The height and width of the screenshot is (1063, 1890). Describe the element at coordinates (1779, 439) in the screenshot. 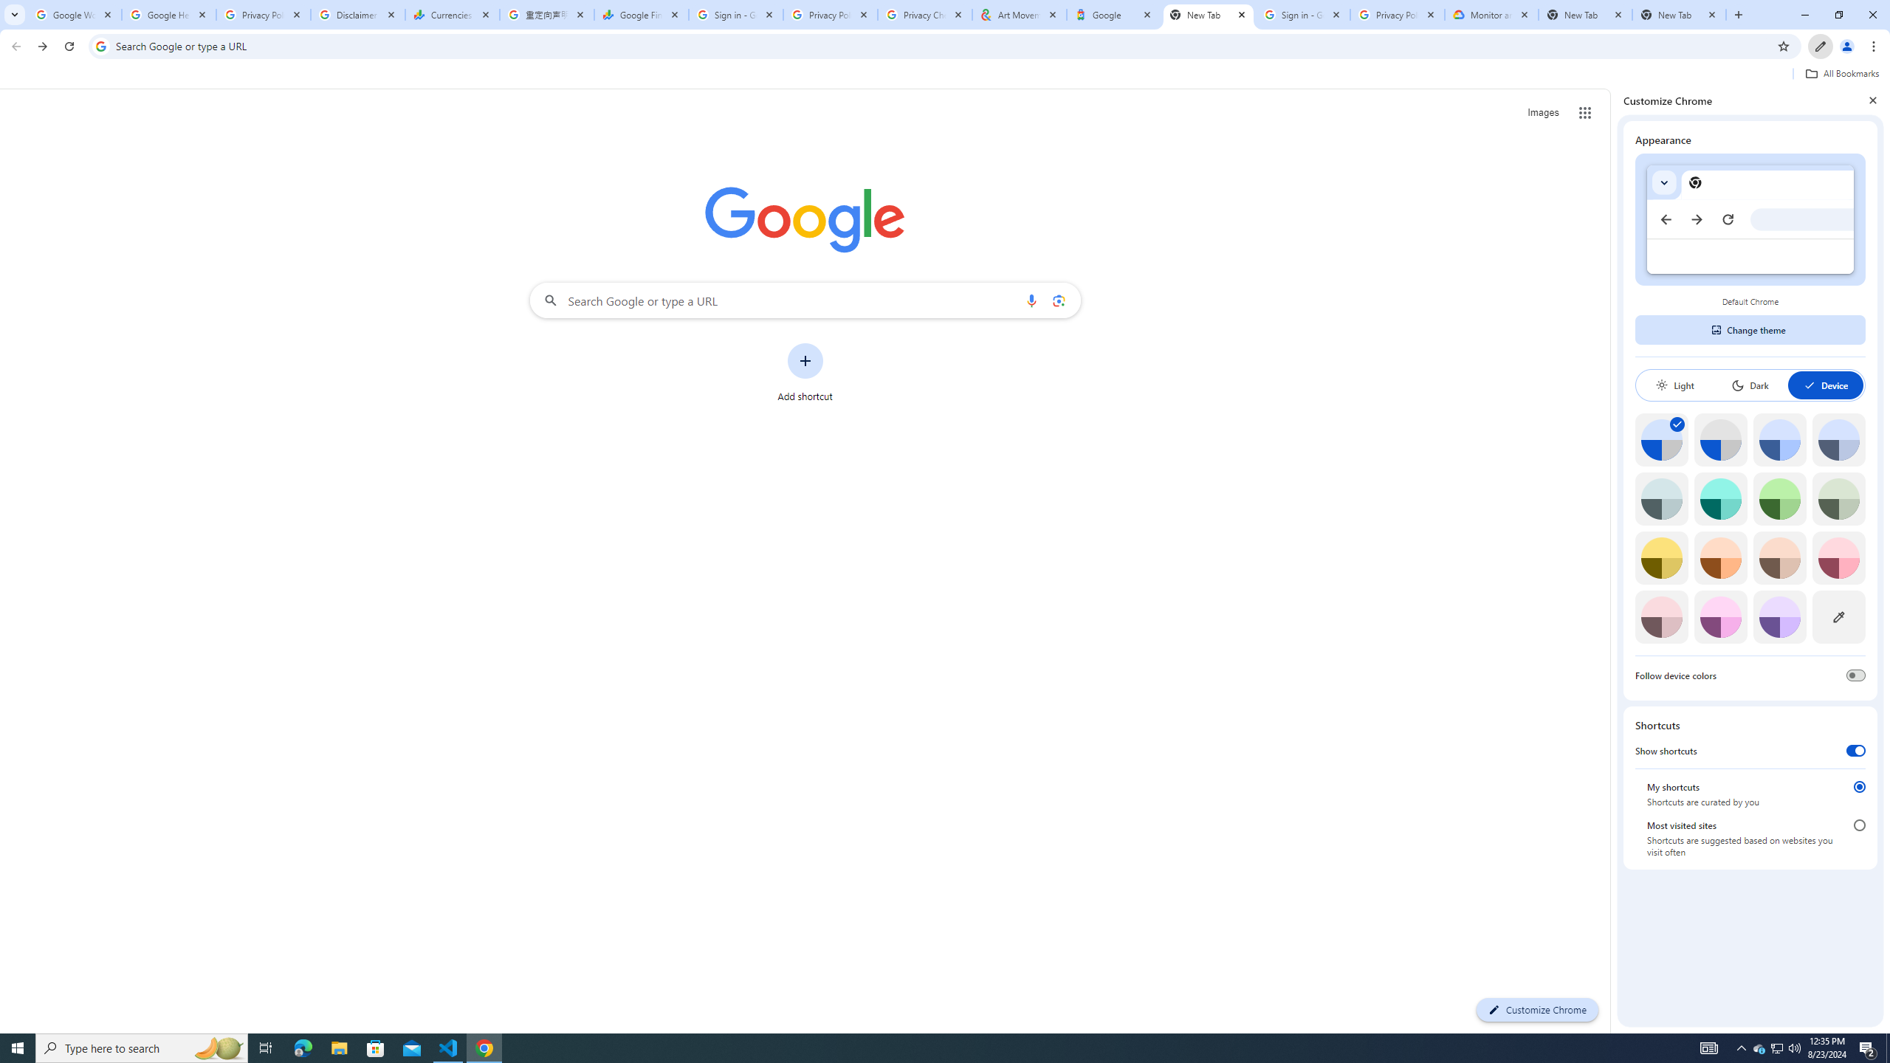

I see `'Blue'` at that location.